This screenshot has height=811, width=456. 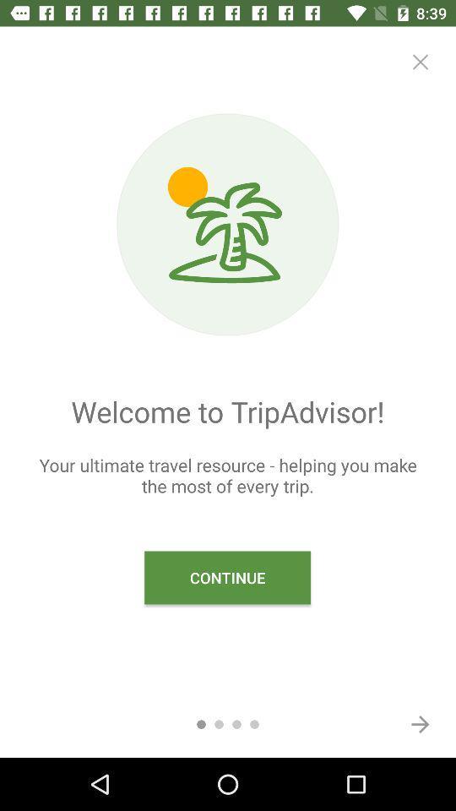 What do you see at coordinates (227, 578) in the screenshot?
I see `the continue icon` at bounding box center [227, 578].